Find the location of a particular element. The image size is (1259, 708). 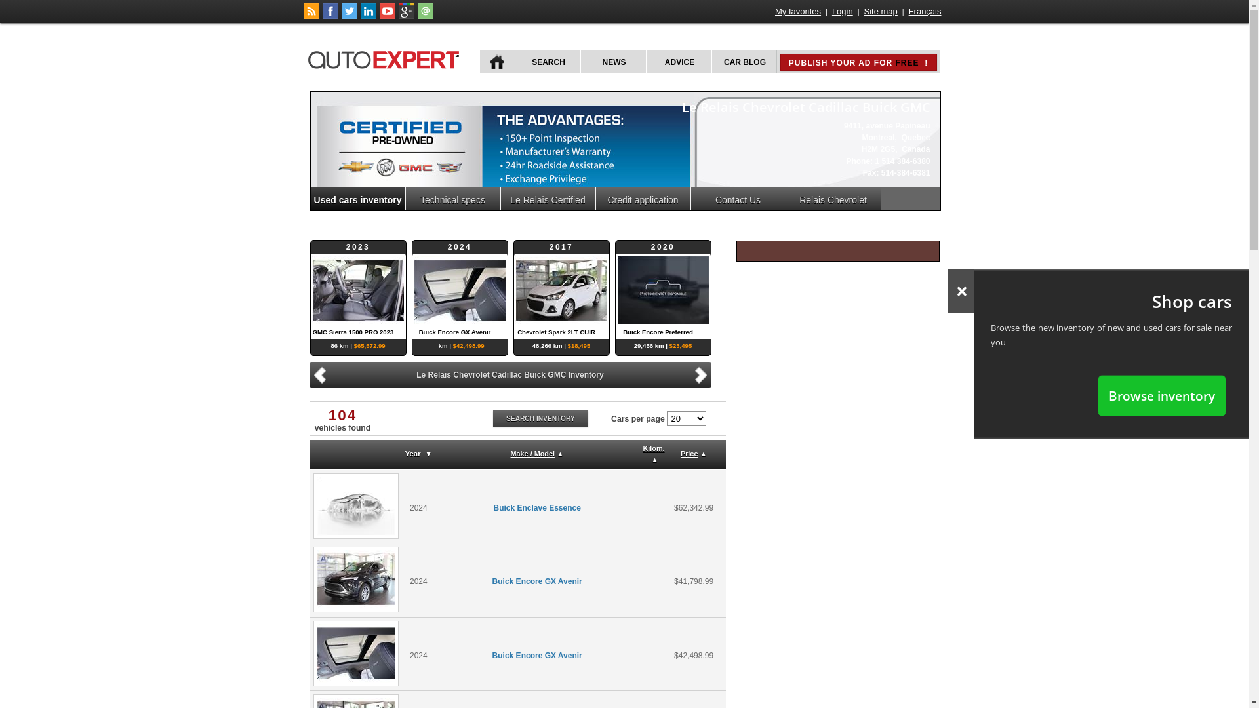

'Contact Us' is located at coordinates (738, 199).